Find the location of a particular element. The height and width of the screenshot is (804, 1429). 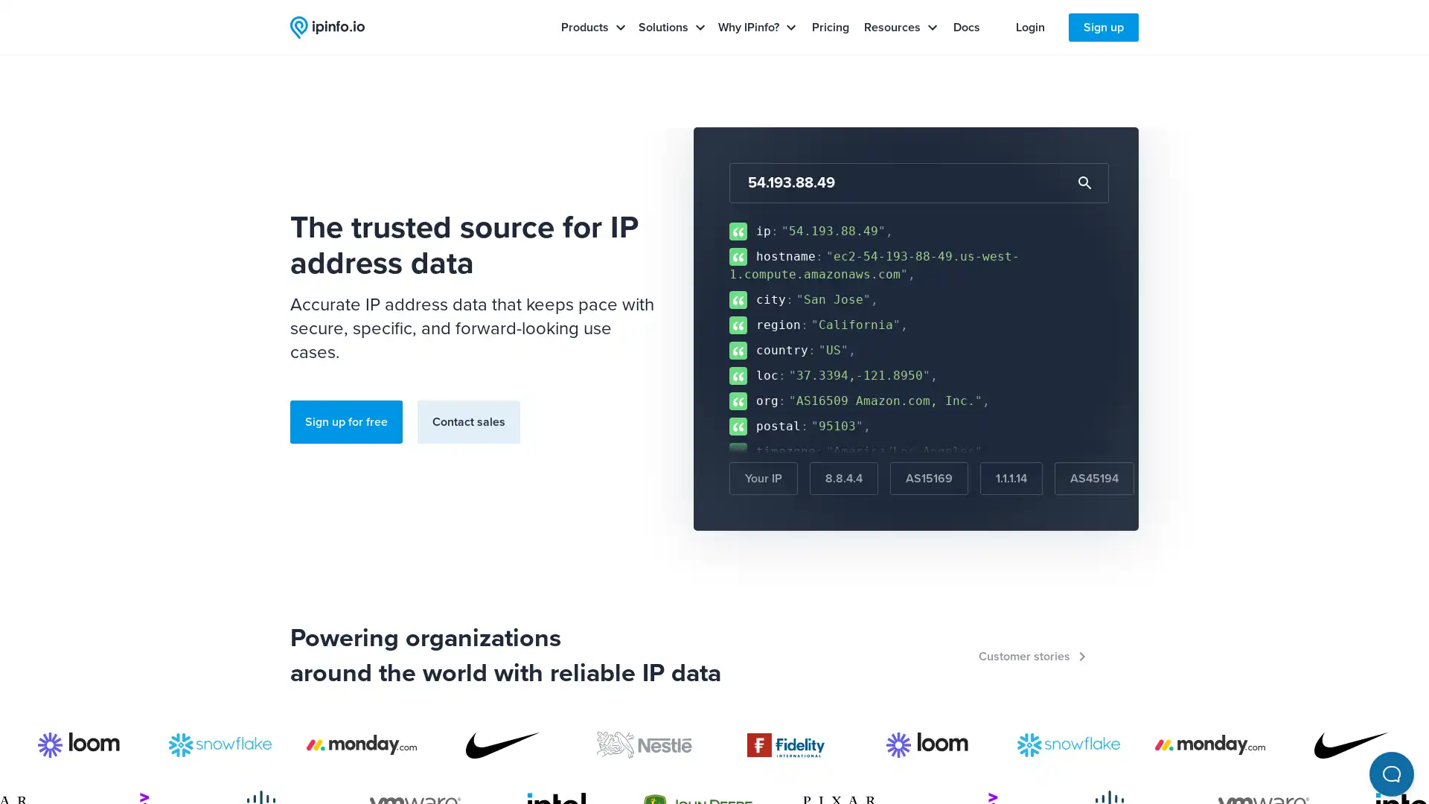

8.8.4.4 is located at coordinates (843, 479).